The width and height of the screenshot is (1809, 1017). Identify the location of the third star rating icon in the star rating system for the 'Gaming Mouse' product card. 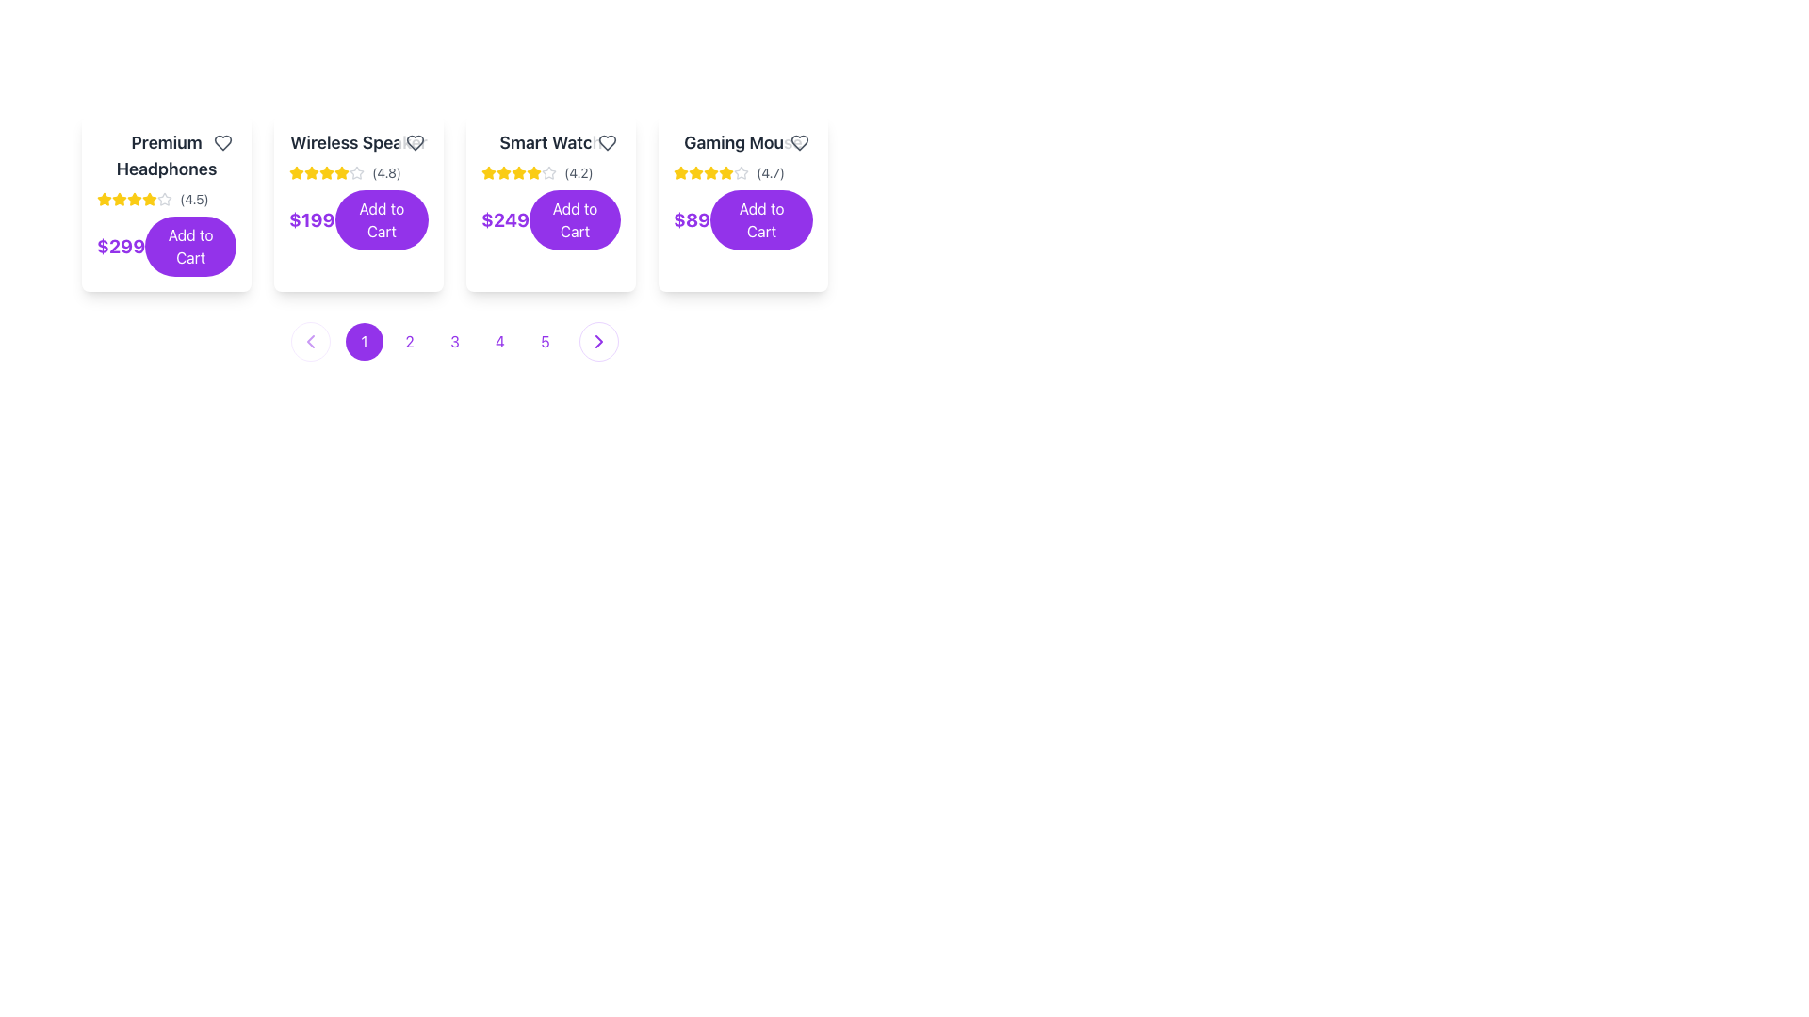
(695, 173).